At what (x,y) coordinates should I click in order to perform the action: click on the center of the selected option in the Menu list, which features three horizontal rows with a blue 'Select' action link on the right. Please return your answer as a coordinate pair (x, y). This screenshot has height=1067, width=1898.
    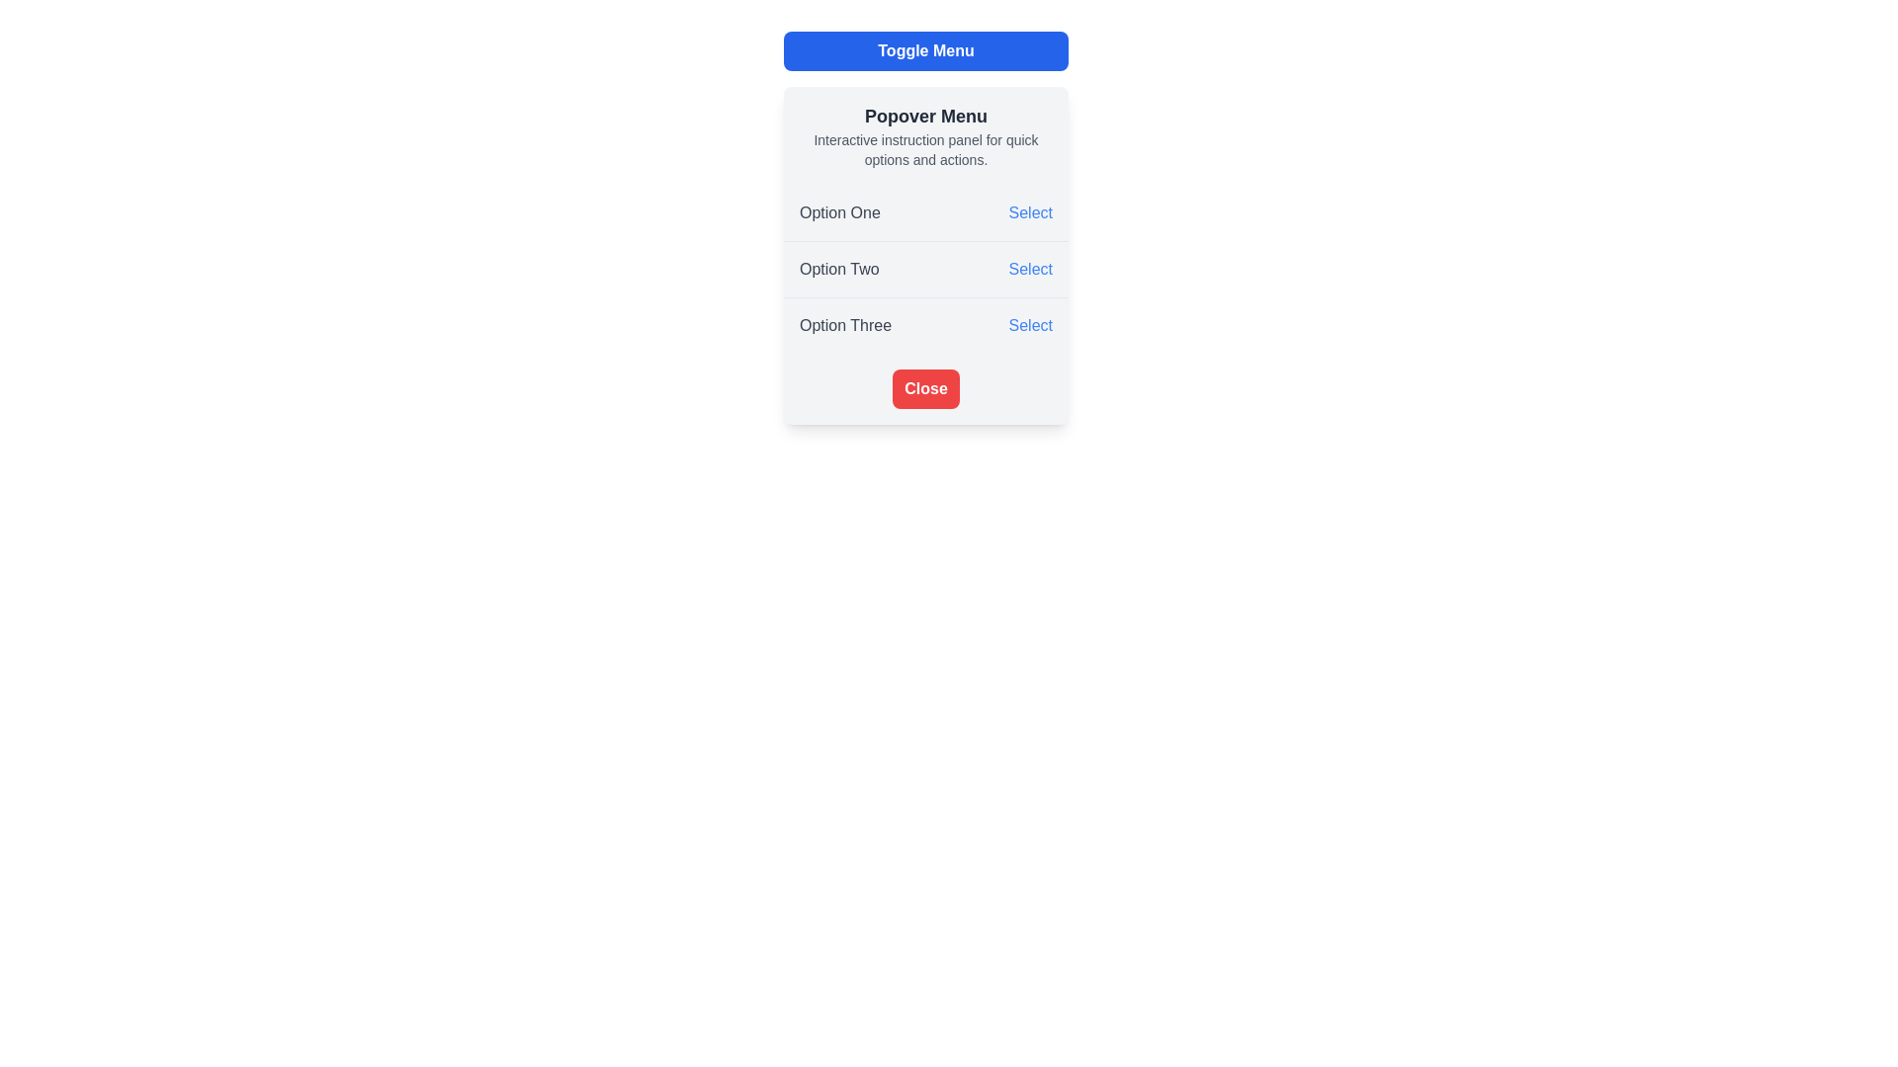
    Looking at the image, I should click on (924, 270).